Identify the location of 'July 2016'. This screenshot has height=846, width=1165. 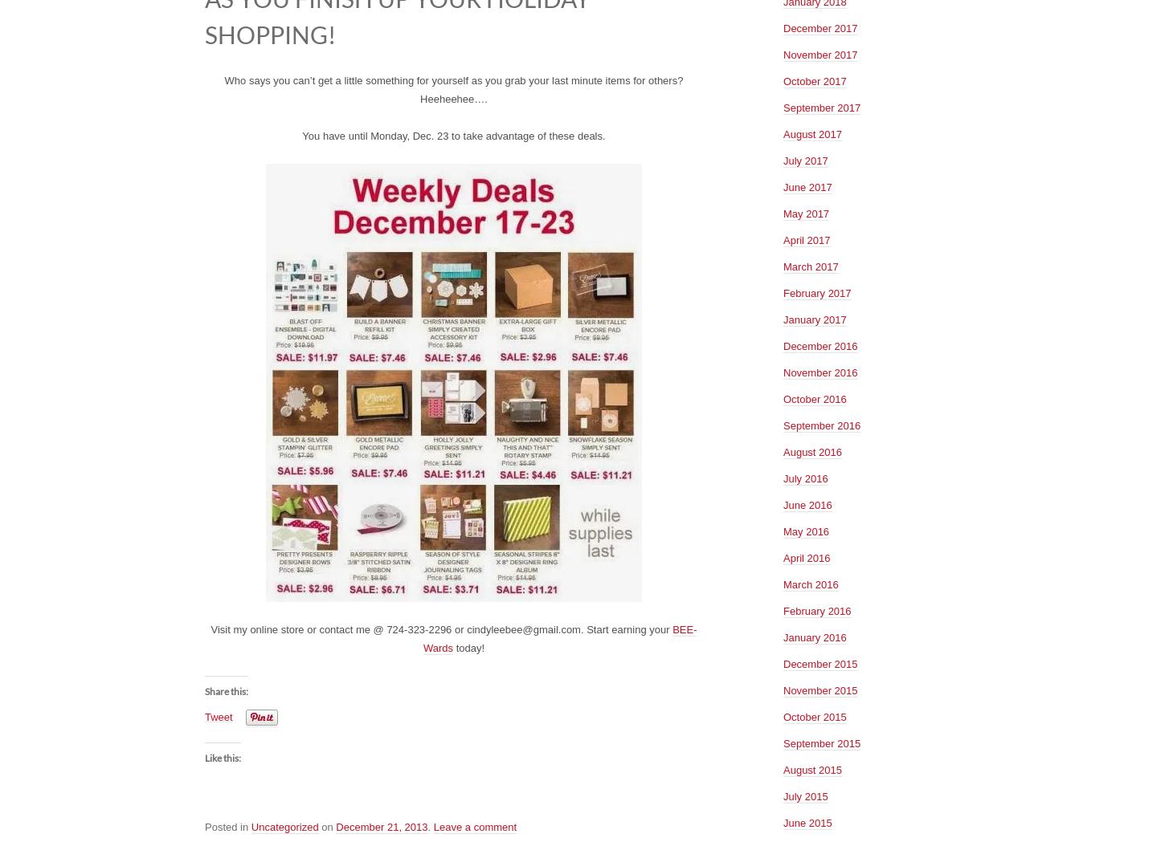
(805, 477).